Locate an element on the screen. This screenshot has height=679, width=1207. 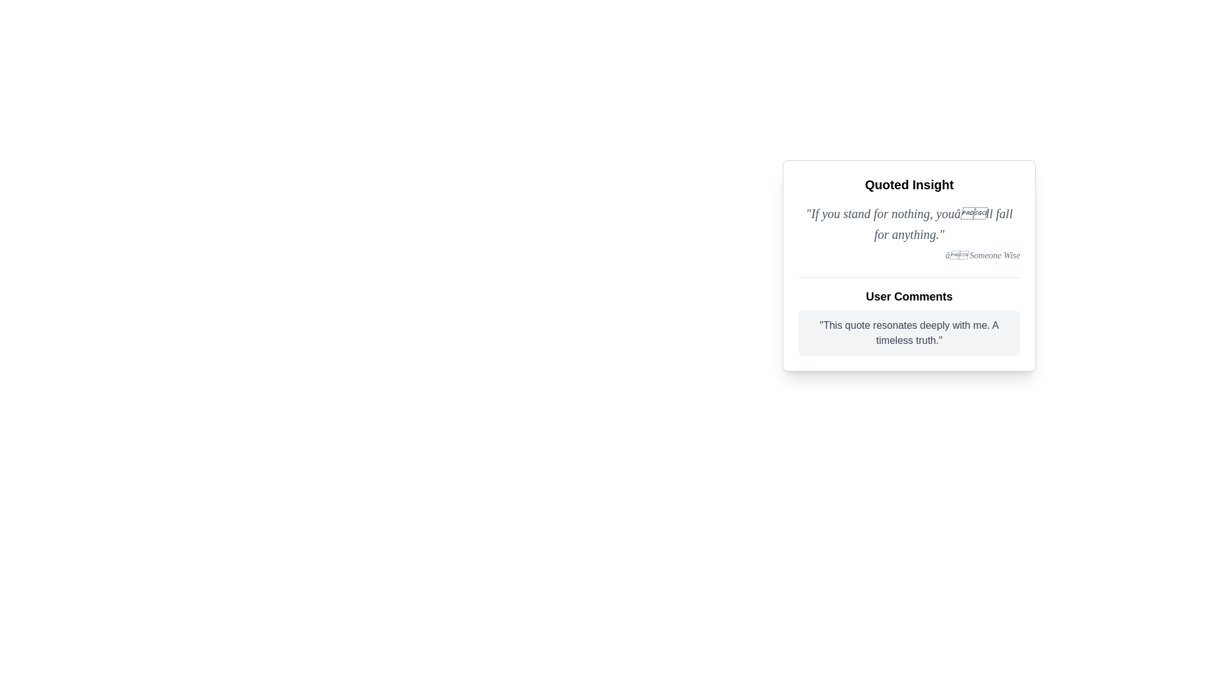
comment displayed in the 'User Comments' section, which is styled with bold text and a light gray background, positioned beneath the 'Quoted Insight' content is located at coordinates (909, 316).